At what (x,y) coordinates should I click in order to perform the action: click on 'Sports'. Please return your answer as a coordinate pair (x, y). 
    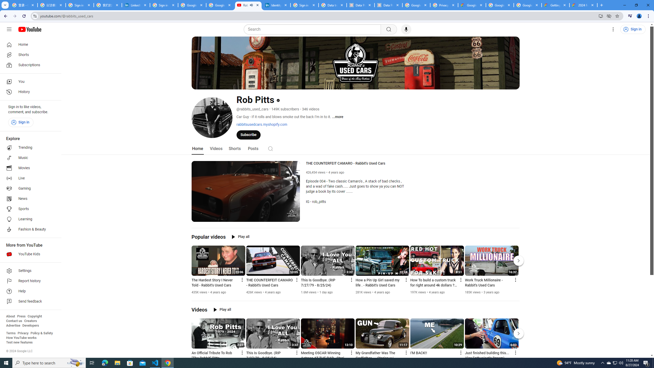
    Looking at the image, I should click on (29, 209).